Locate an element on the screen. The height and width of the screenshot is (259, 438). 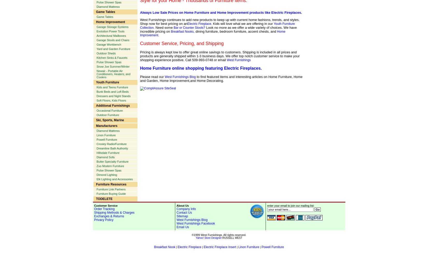
'©1999 West Furnishings. All rights reserved.' is located at coordinates (219, 235).